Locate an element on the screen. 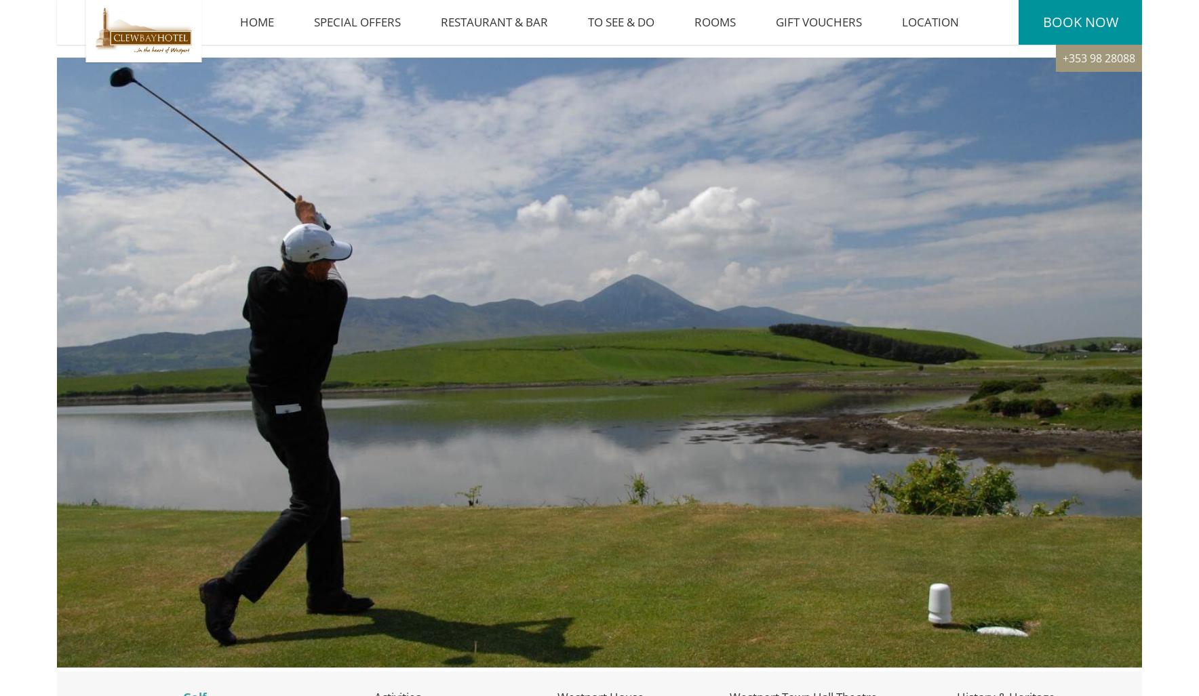 Image resolution: width=1199 pixels, height=696 pixels. '+353 98 28088' is located at coordinates (1099, 70).